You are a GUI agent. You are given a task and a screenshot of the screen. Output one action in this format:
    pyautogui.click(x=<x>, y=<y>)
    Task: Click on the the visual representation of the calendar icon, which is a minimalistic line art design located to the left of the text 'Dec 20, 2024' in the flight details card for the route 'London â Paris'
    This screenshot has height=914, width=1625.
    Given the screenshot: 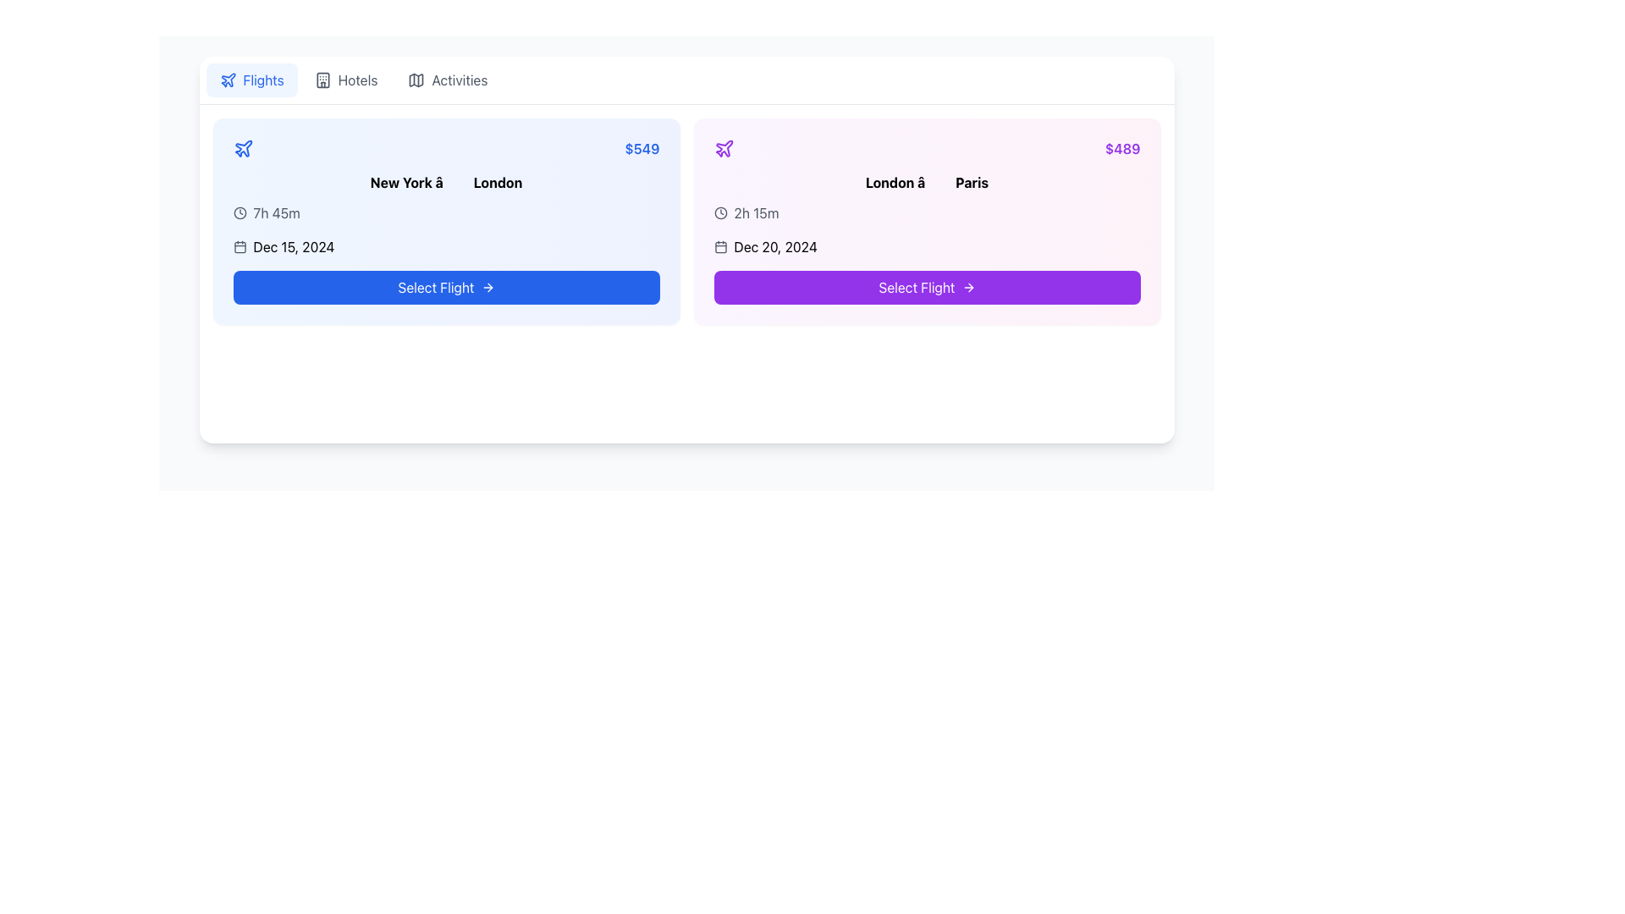 What is the action you would take?
    pyautogui.click(x=720, y=247)
    